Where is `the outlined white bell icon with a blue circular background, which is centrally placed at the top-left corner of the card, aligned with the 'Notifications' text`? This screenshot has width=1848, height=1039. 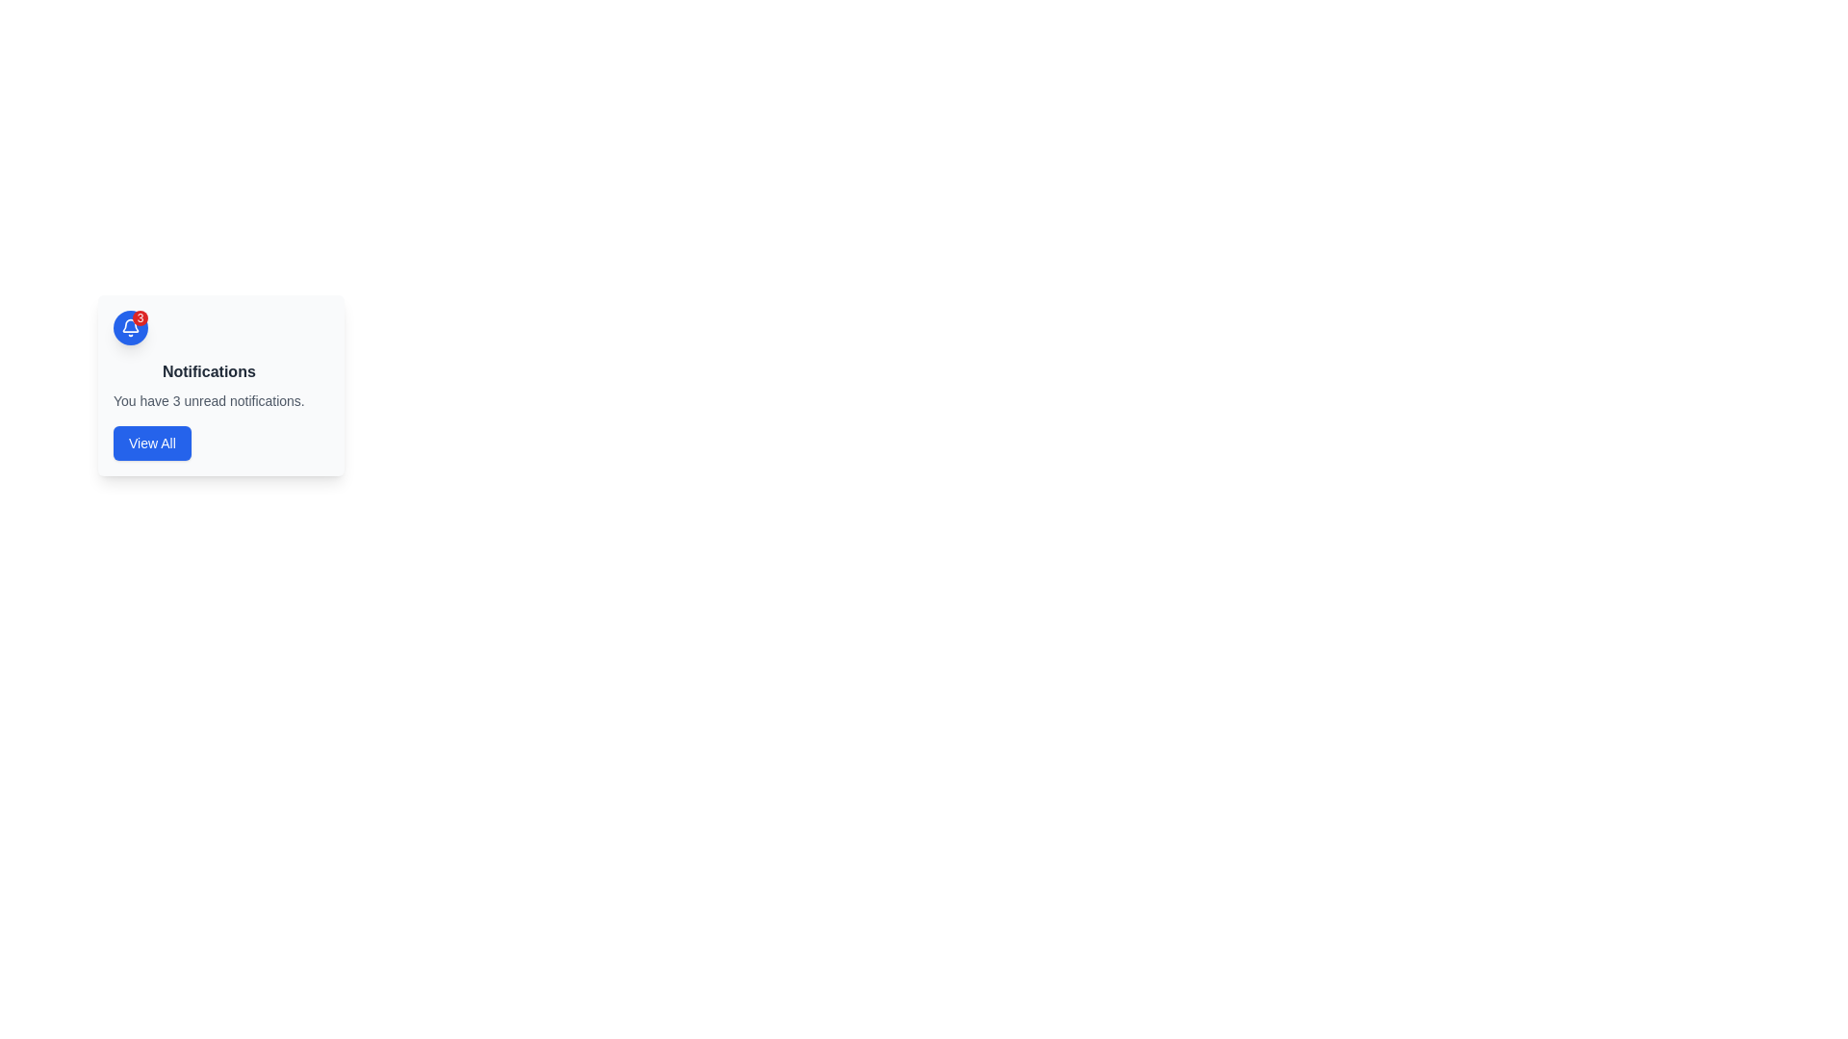
the outlined white bell icon with a blue circular background, which is centrally placed at the top-left corner of the card, aligned with the 'Notifications' text is located at coordinates (129, 326).